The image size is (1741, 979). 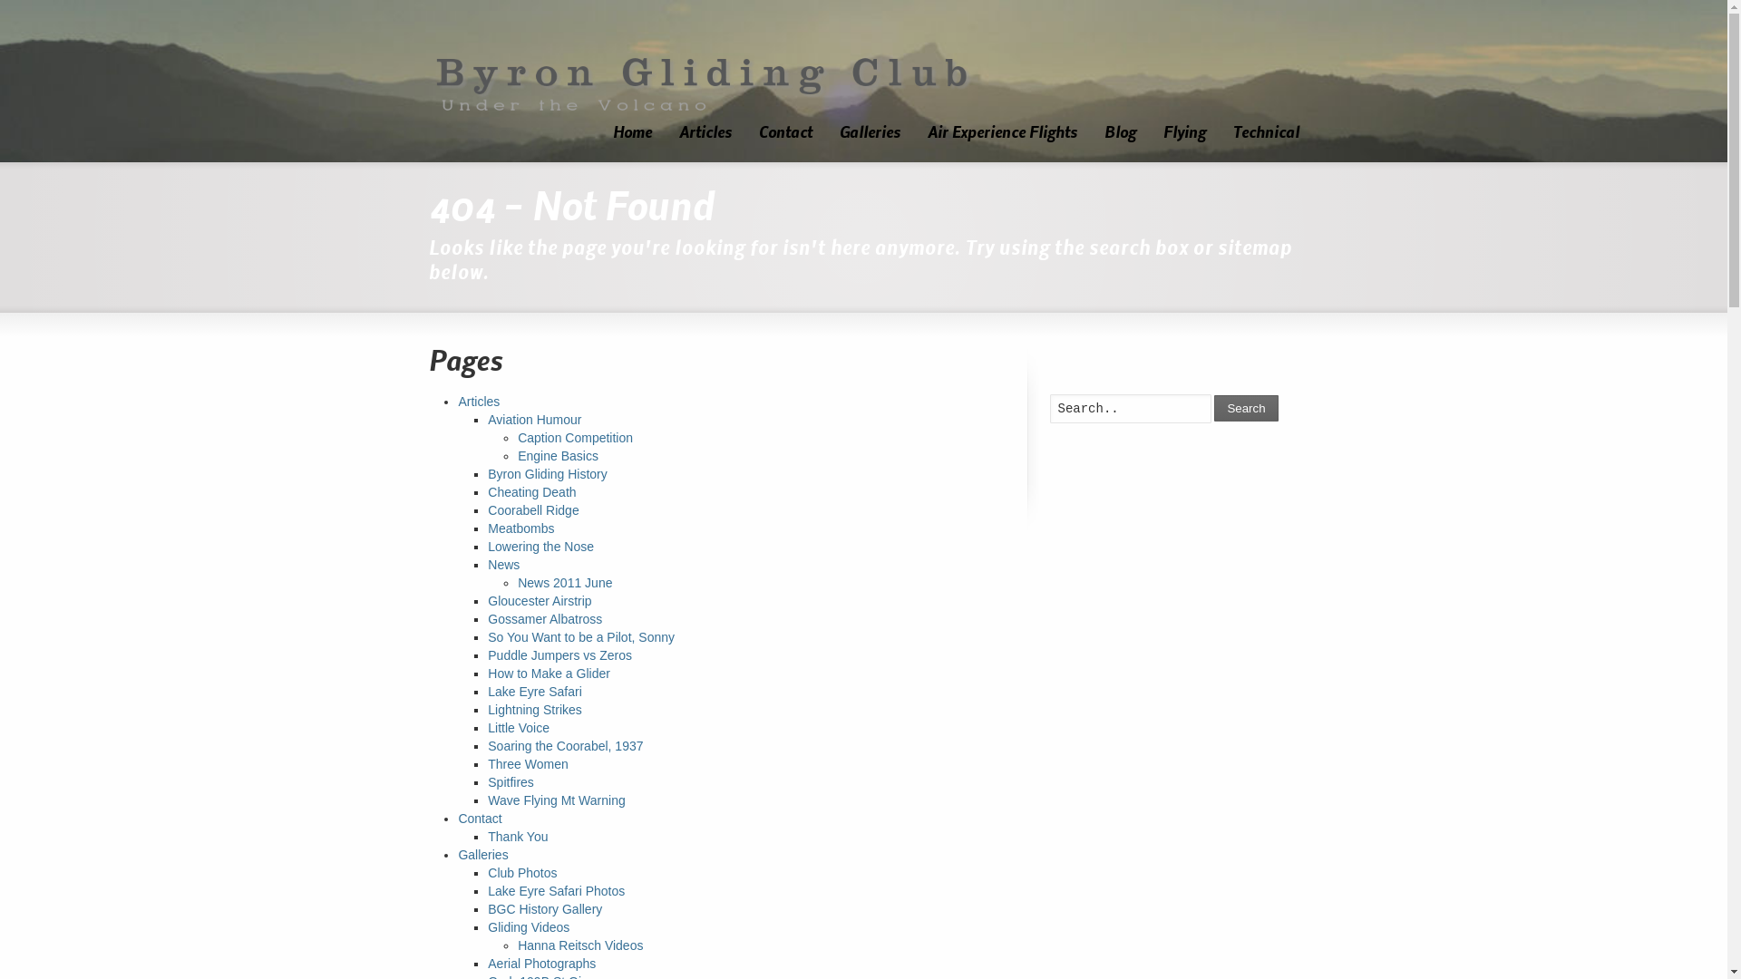 What do you see at coordinates (574, 437) in the screenshot?
I see `'Caption Competition'` at bounding box center [574, 437].